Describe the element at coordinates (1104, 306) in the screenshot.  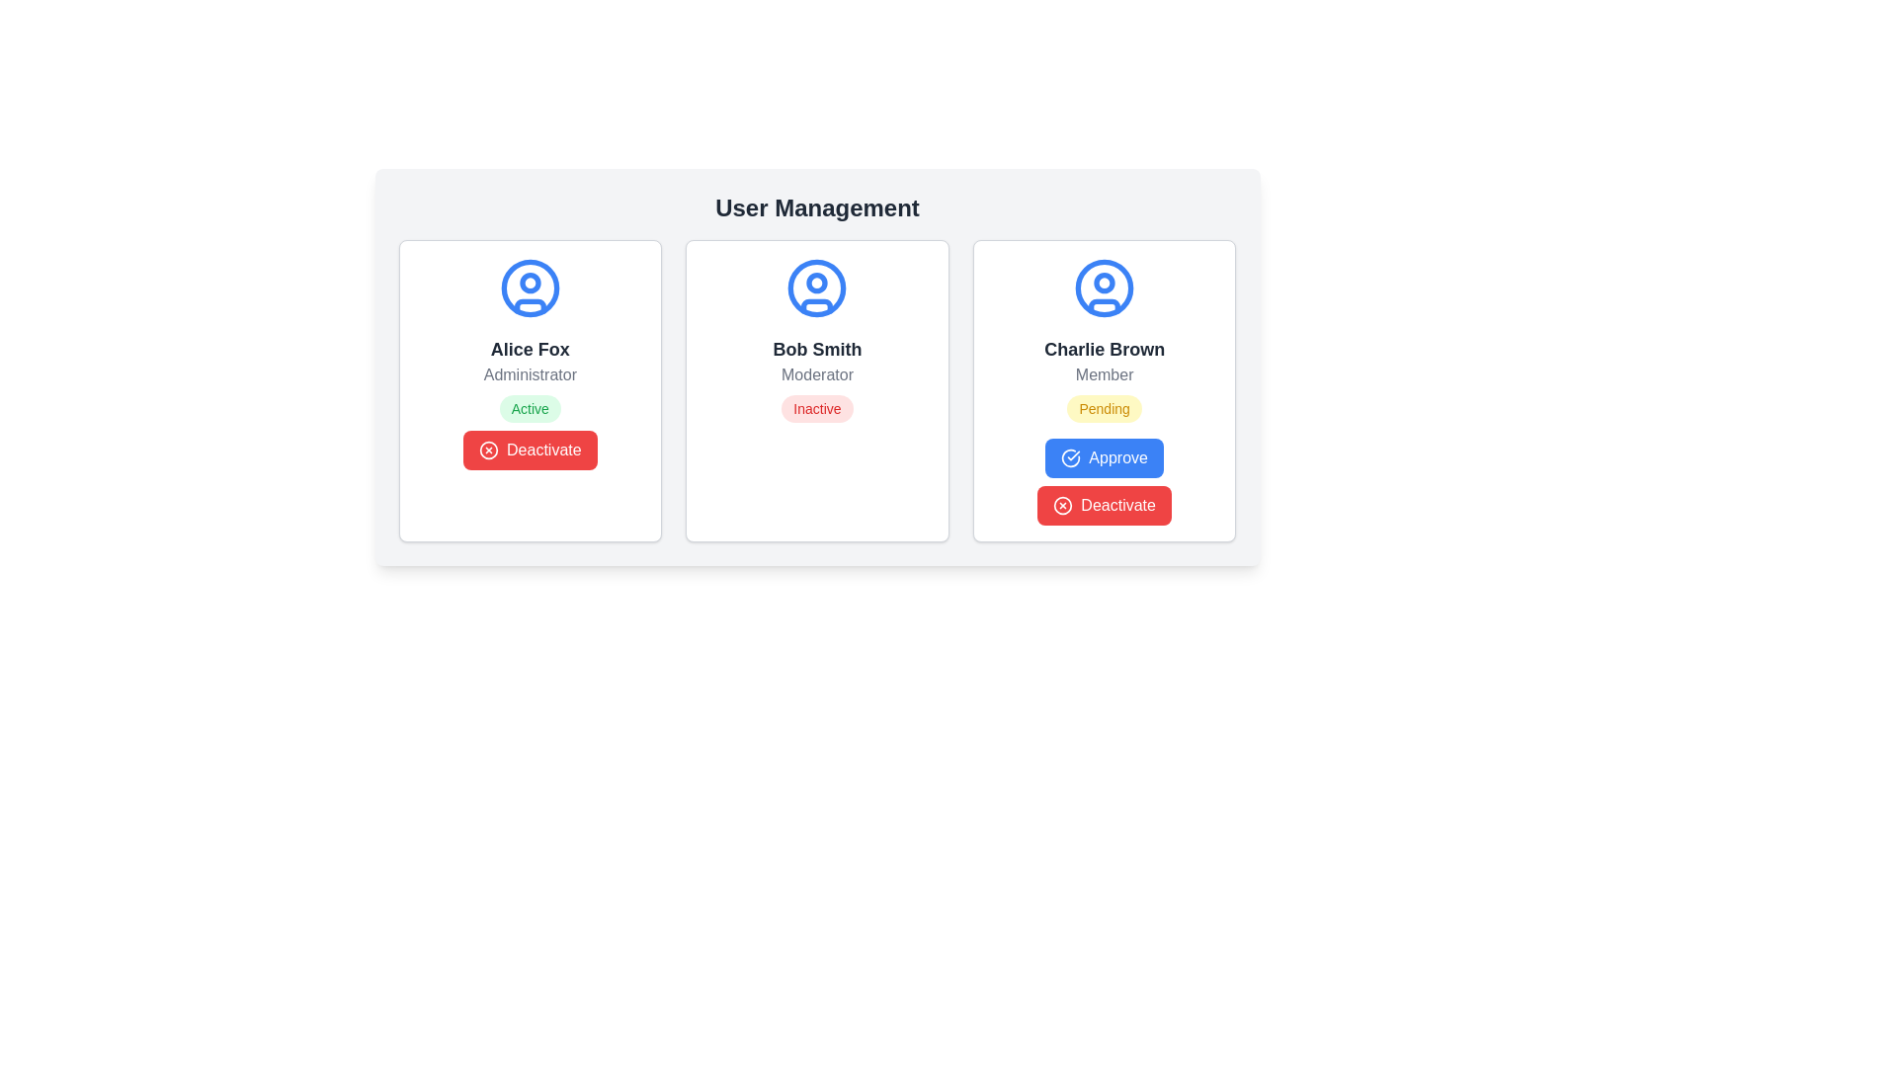
I see `the arc-shaped line graphic that forms the bottom outline of the user avatar icon representing Charlie Brown's profile` at that location.